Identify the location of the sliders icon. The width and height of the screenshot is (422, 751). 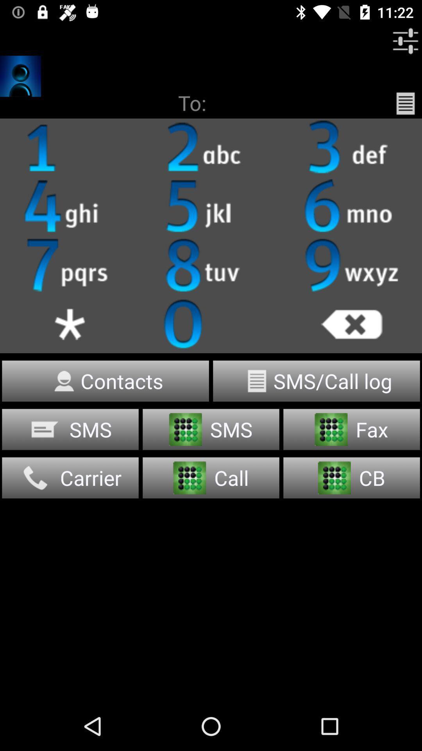
(405, 41).